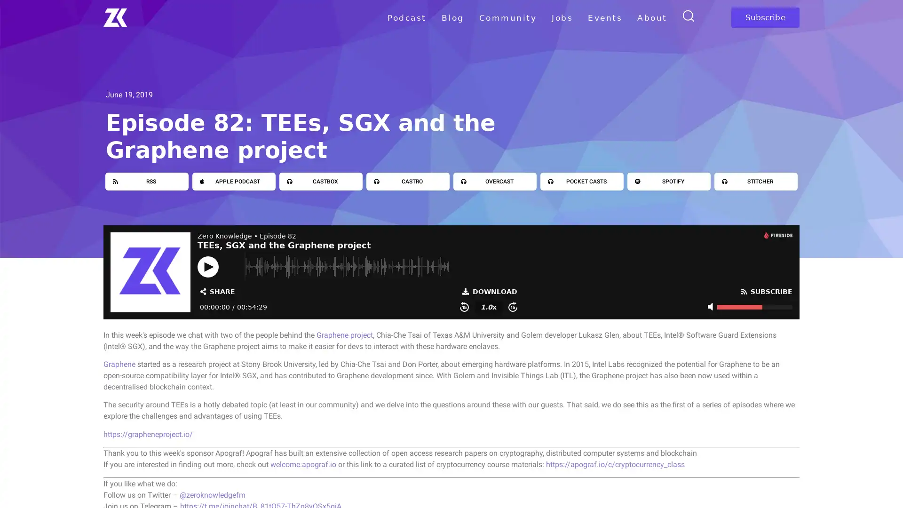 Image resolution: width=903 pixels, height=508 pixels. Describe the element at coordinates (765, 17) in the screenshot. I see `Subscribe` at that location.